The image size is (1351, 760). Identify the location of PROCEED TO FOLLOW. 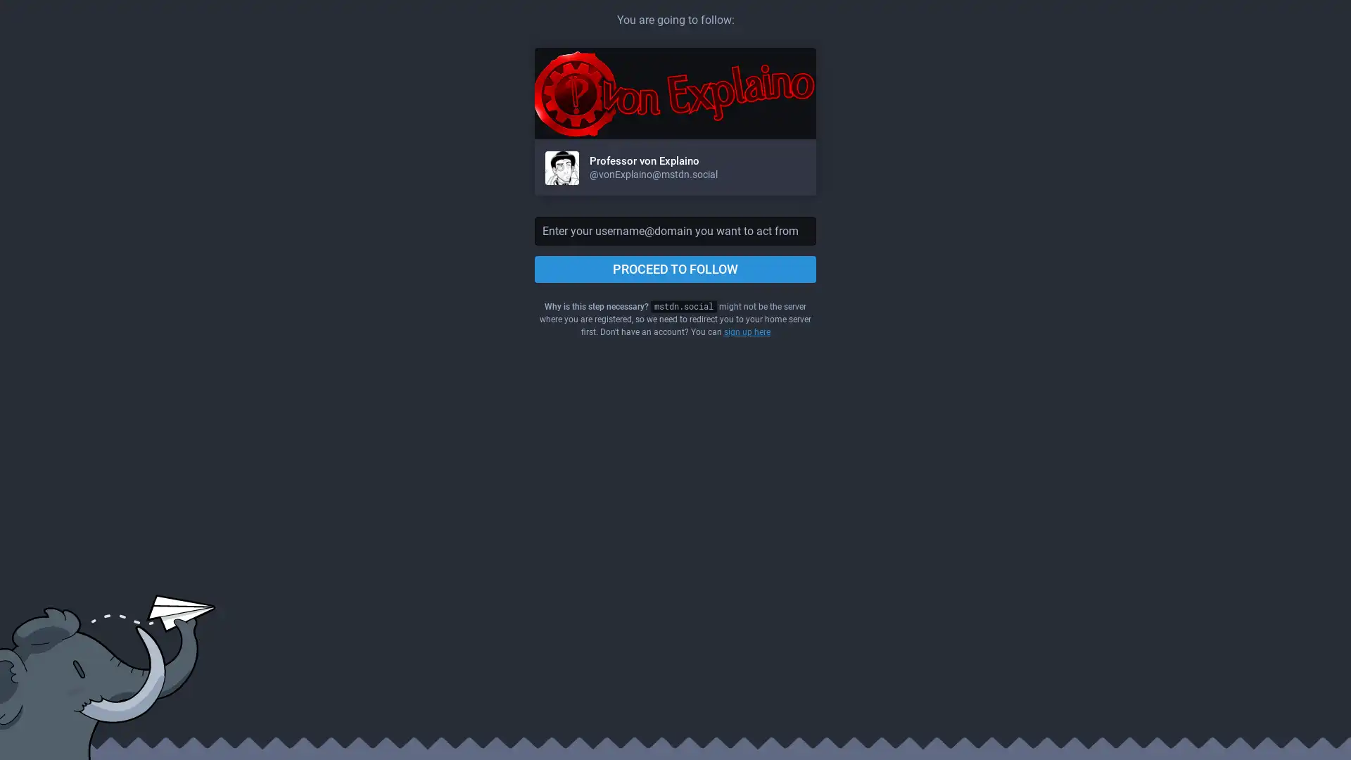
(675, 269).